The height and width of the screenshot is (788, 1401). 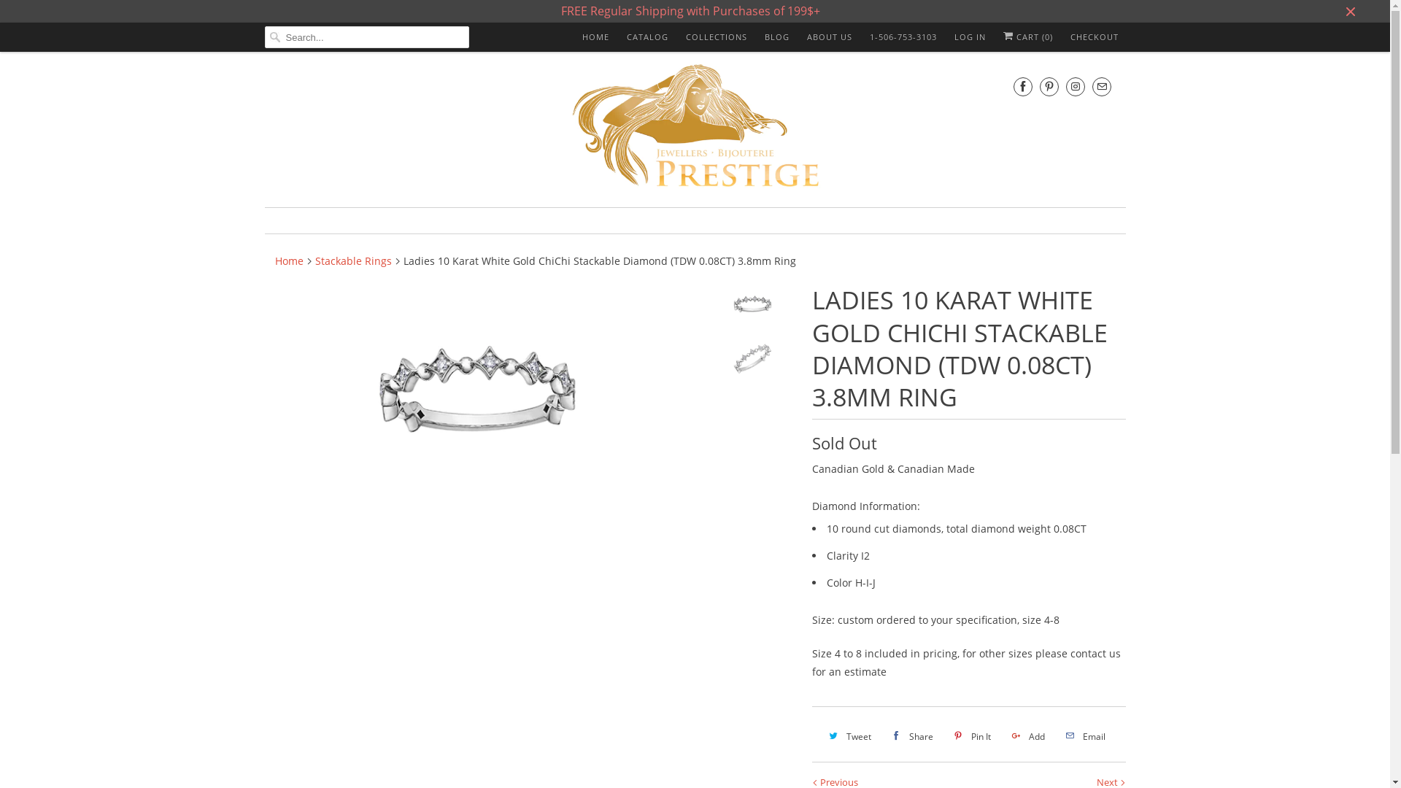 What do you see at coordinates (1092, 86) in the screenshot?
I see `'Email Bijouterie Prestige'` at bounding box center [1092, 86].